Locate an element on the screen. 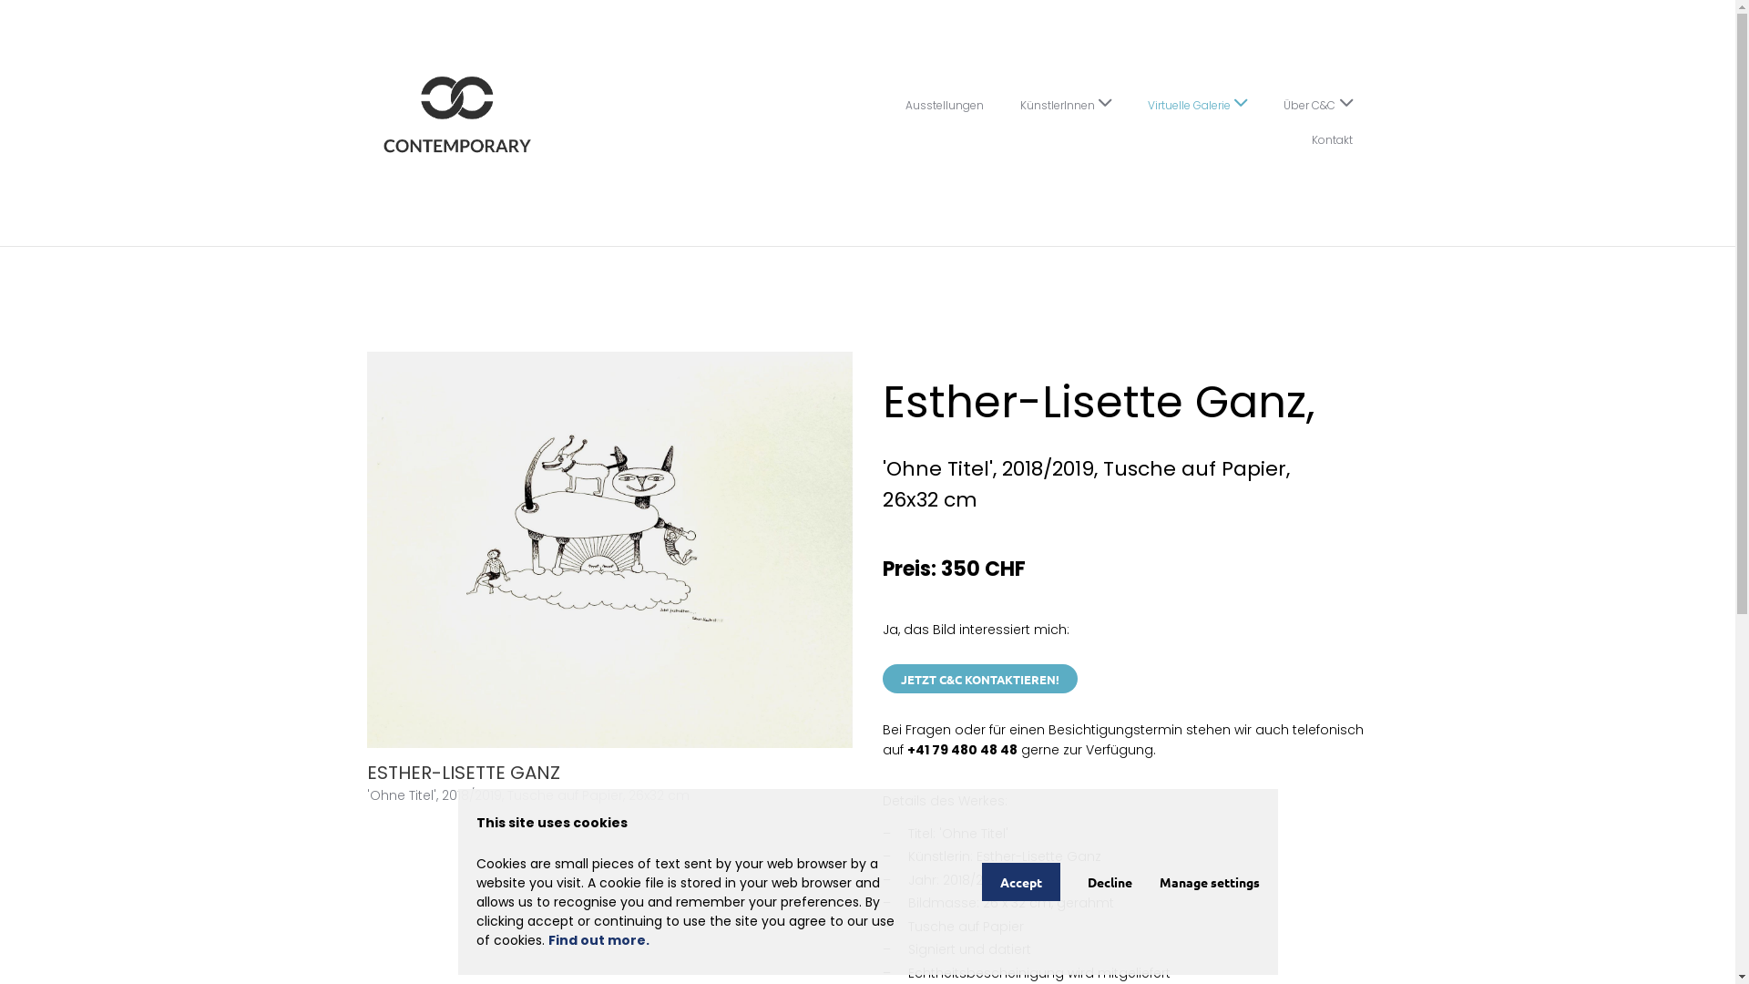 The width and height of the screenshot is (1749, 984). 'JETZT C&C KONTAKTIEREN!' is located at coordinates (978, 678).